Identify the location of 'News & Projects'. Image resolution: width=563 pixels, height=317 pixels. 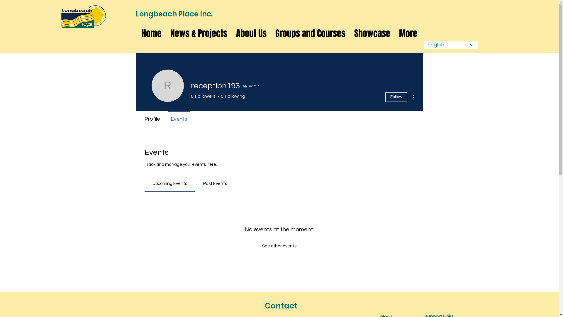
(199, 33).